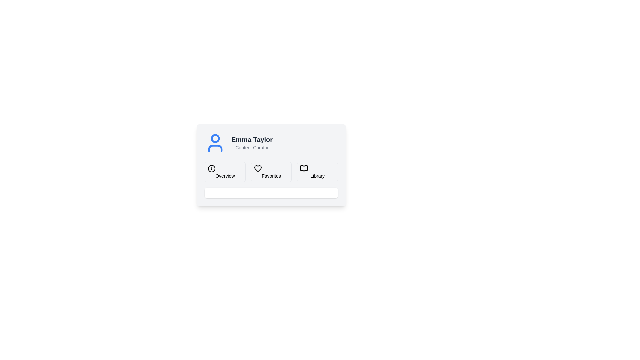 The height and width of the screenshot is (360, 640). What do you see at coordinates (257, 168) in the screenshot?
I see `the heart icon button, which represents the 'favorites' function` at bounding box center [257, 168].